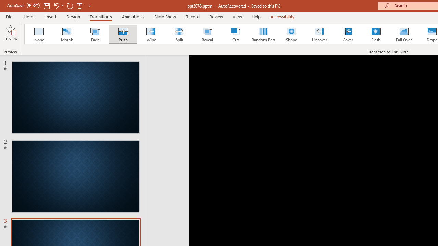 This screenshot has height=246, width=438. What do you see at coordinates (375, 34) in the screenshot?
I see `'Flash'` at bounding box center [375, 34].